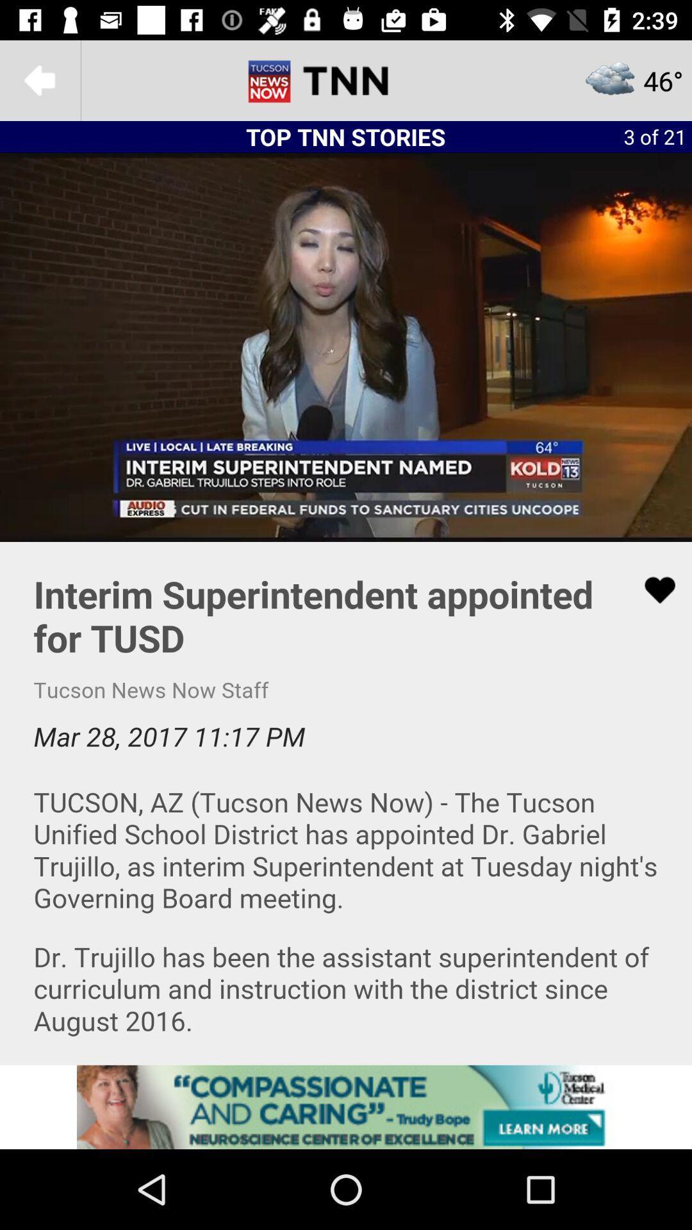 The width and height of the screenshot is (692, 1230). What do you see at coordinates (346, 802) in the screenshot?
I see `press the heart icon` at bounding box center [346, 802].